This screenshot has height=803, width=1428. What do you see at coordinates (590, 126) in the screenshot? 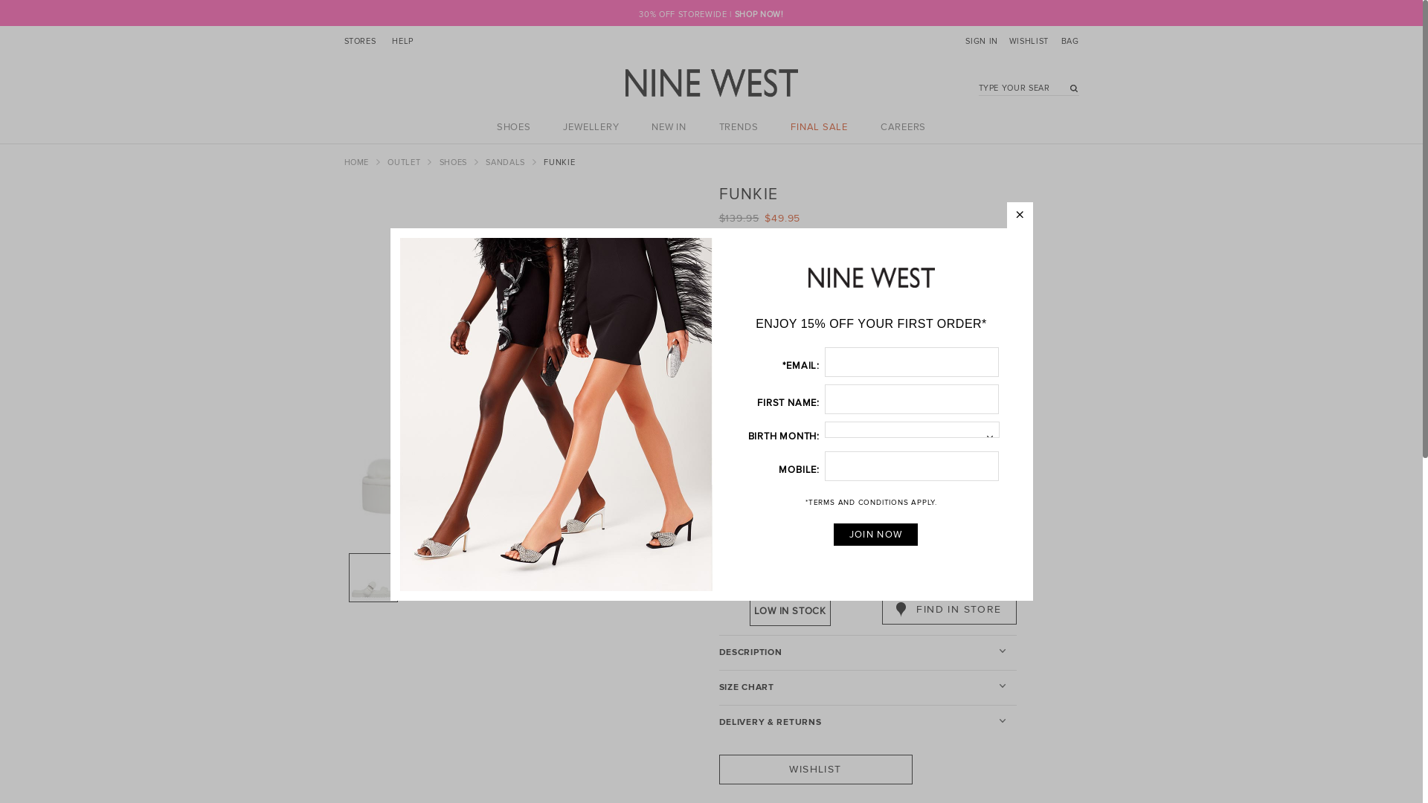
I see `'JEWELLERY'` at bounding box center [590, 126].